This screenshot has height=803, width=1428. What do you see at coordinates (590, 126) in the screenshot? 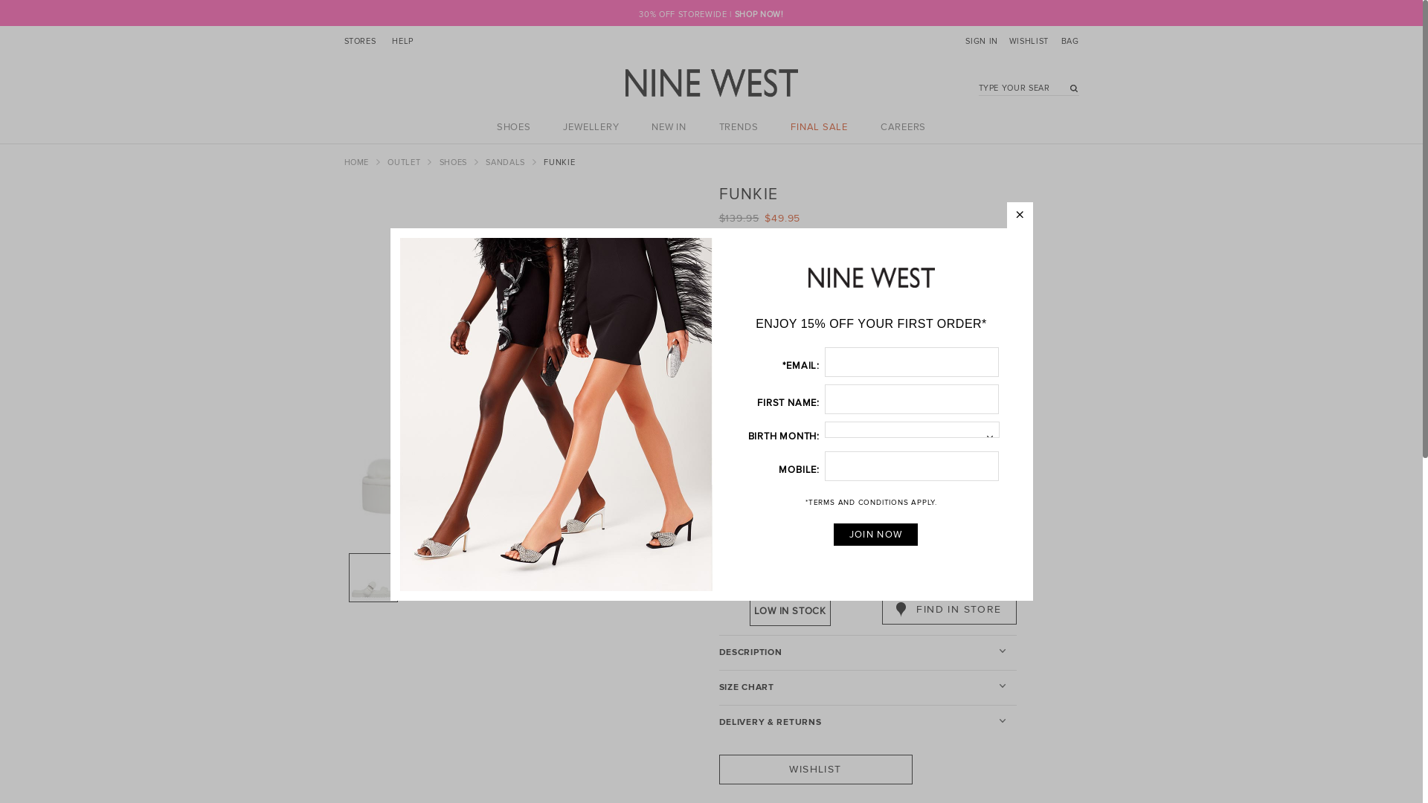
I see `'JEWELLERY'` at bounding box center [590, 126].